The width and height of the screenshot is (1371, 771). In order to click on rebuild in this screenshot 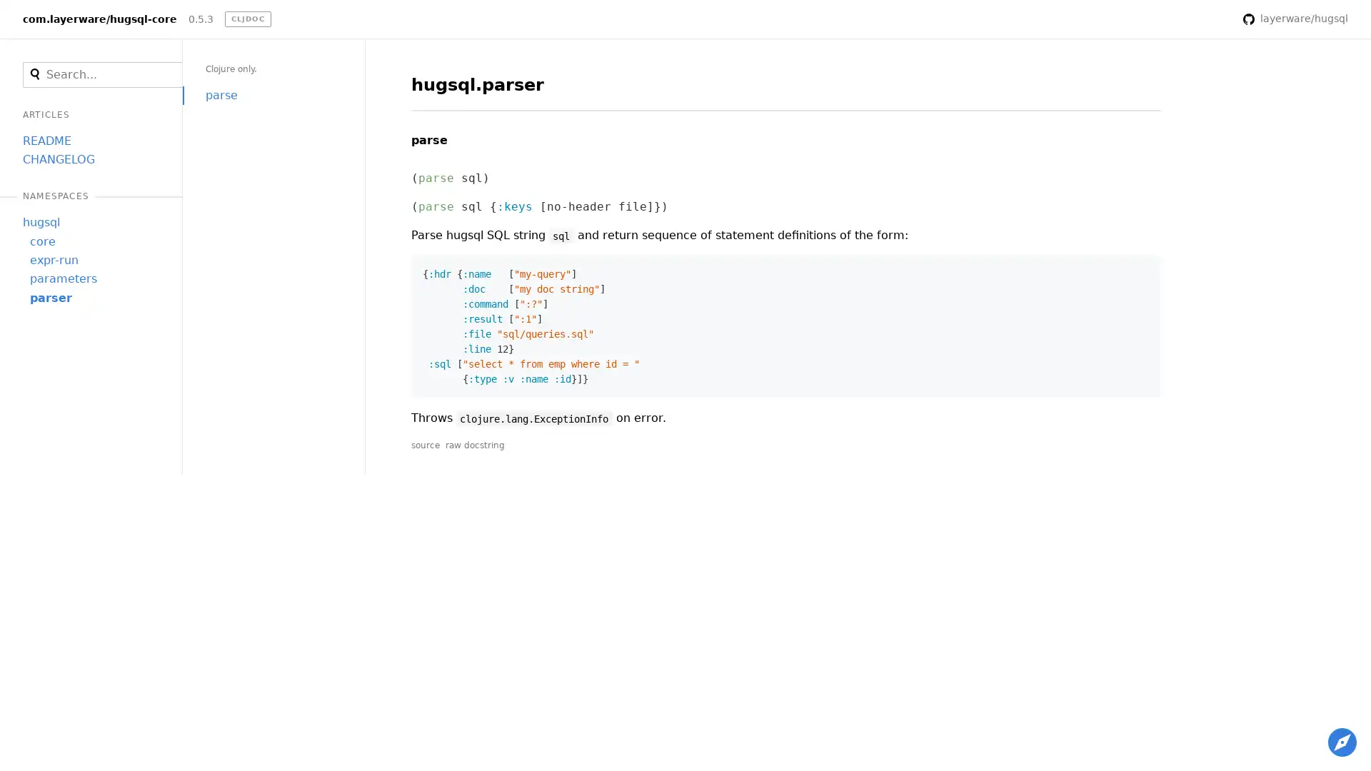, I will do `click(1212, 19)`.